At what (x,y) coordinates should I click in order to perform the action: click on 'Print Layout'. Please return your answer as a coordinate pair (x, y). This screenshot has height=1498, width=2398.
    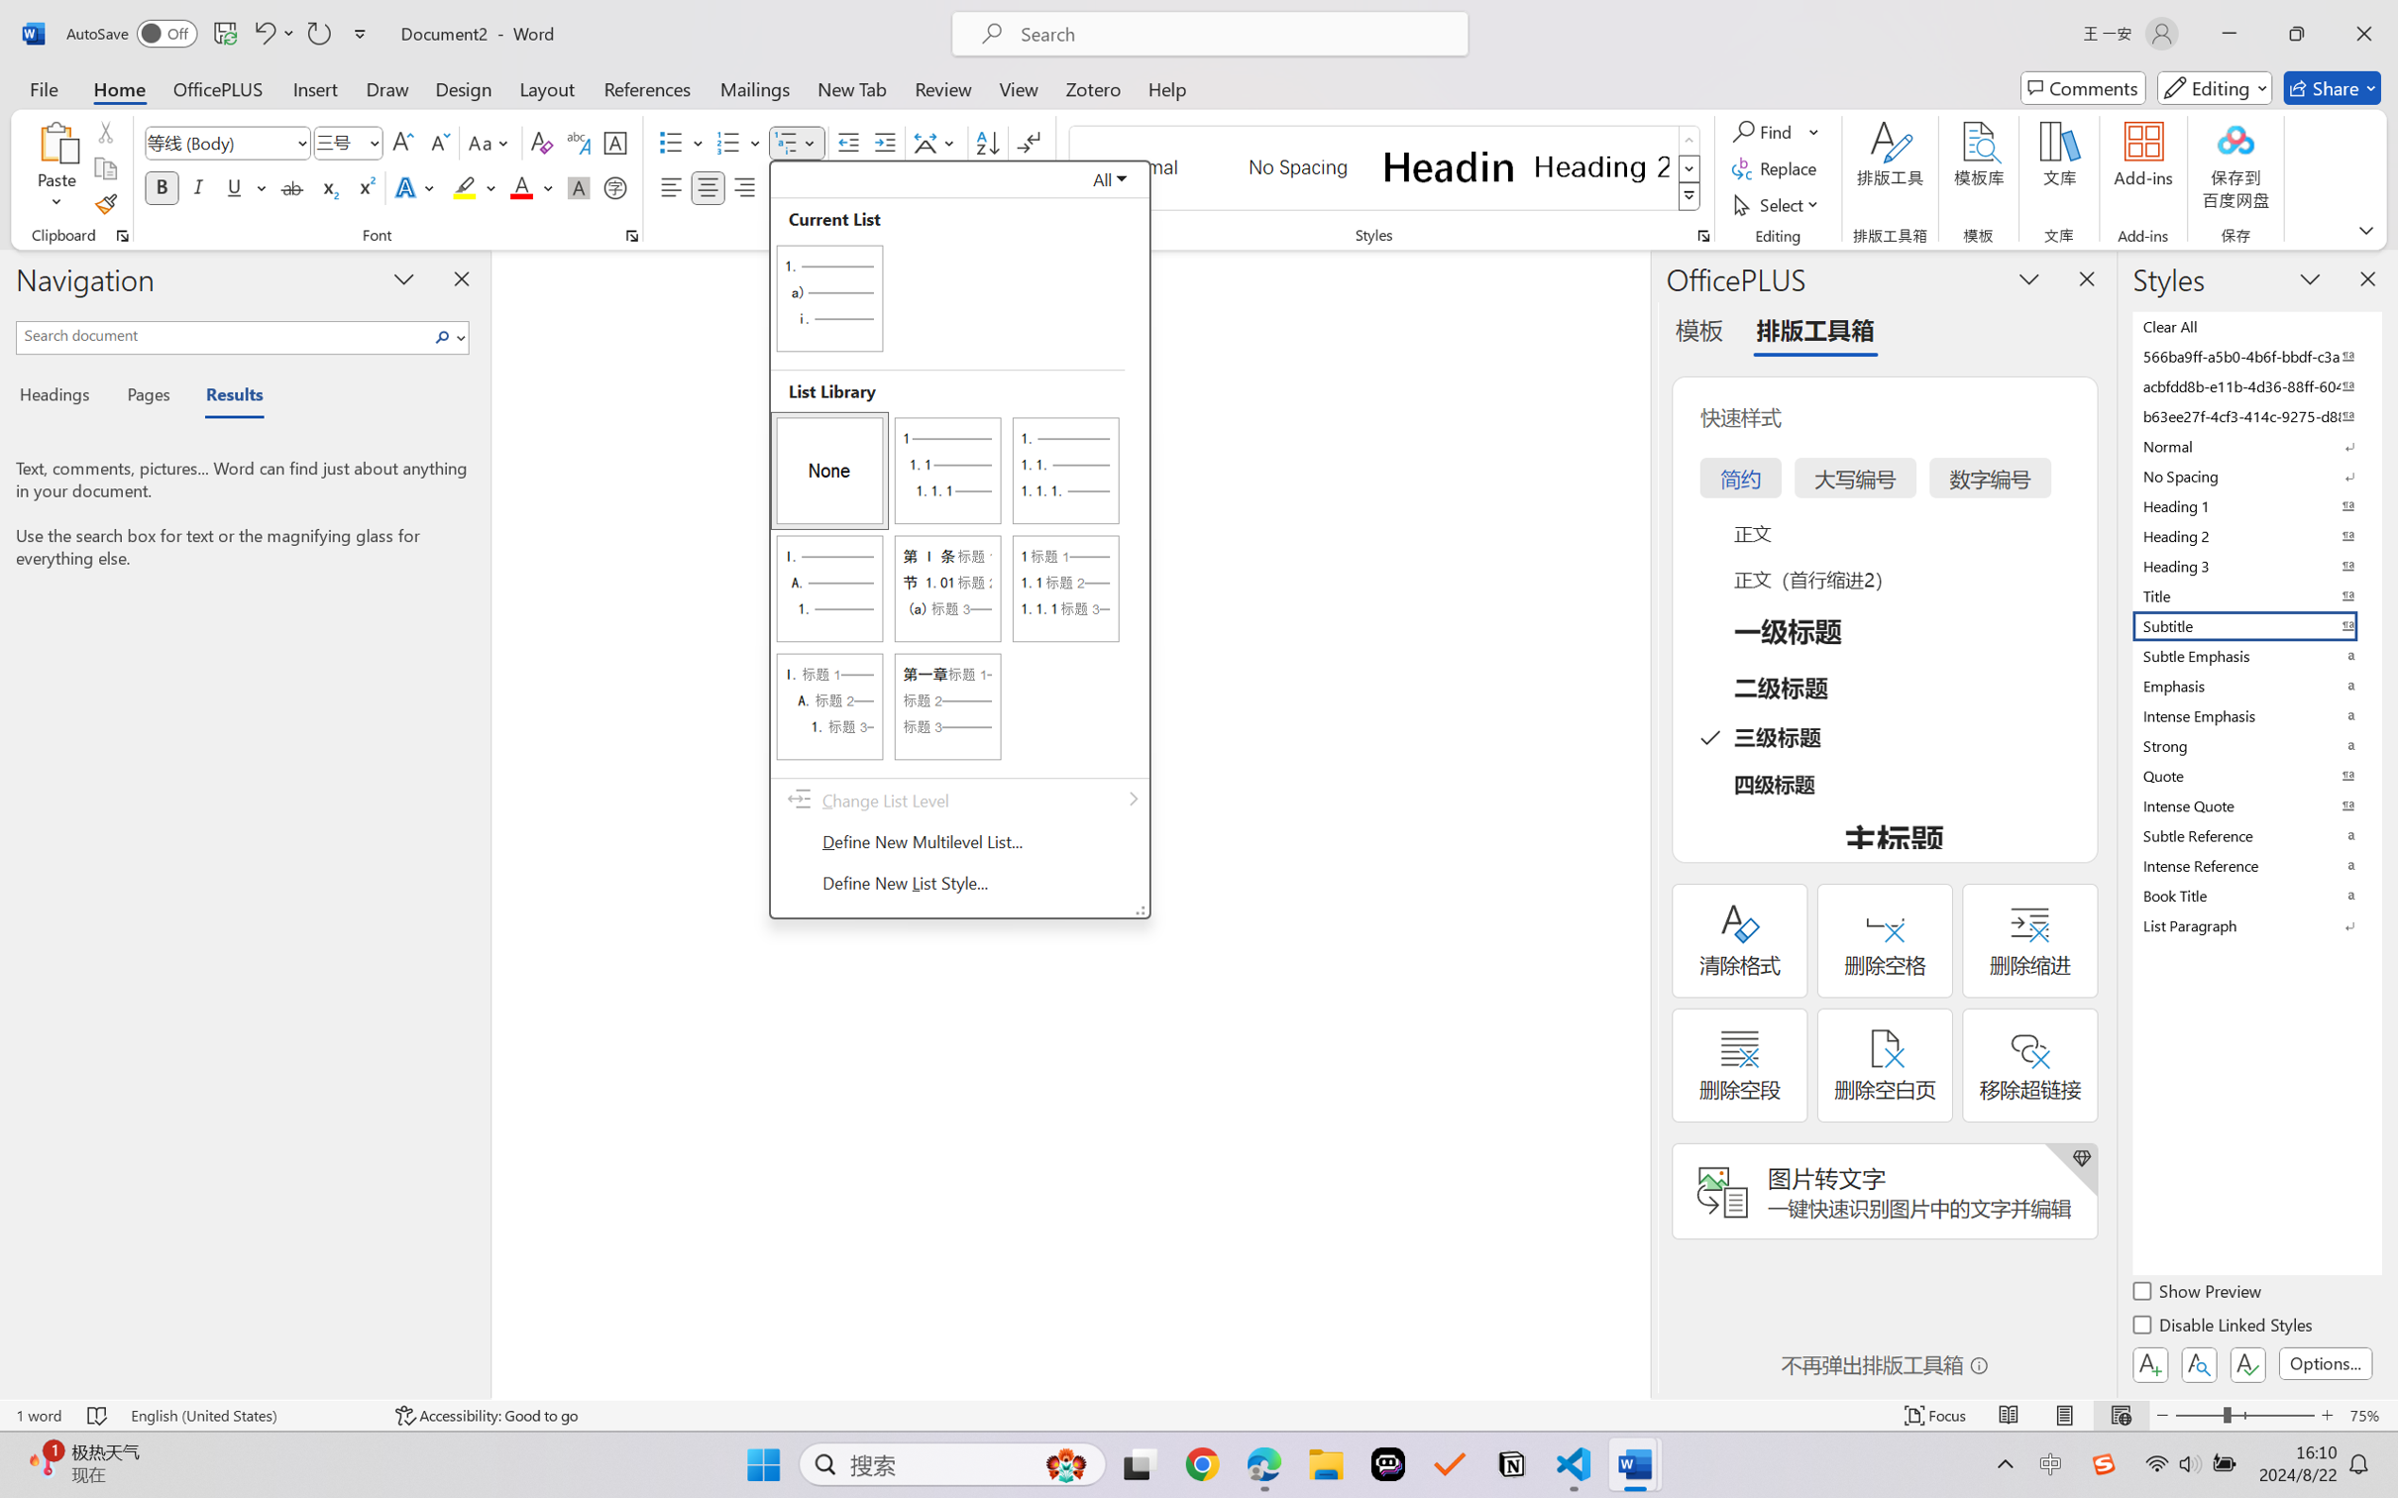
    Looking at the image, I should click on (2064, 1415).